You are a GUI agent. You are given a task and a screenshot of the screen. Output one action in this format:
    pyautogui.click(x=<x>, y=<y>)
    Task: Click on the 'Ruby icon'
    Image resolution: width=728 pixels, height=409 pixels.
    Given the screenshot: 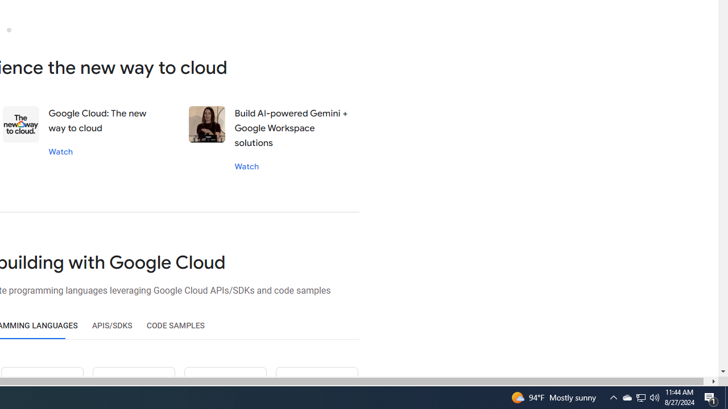 What is the action you would take?
    pyautogui.click(x=134, y=387)
    